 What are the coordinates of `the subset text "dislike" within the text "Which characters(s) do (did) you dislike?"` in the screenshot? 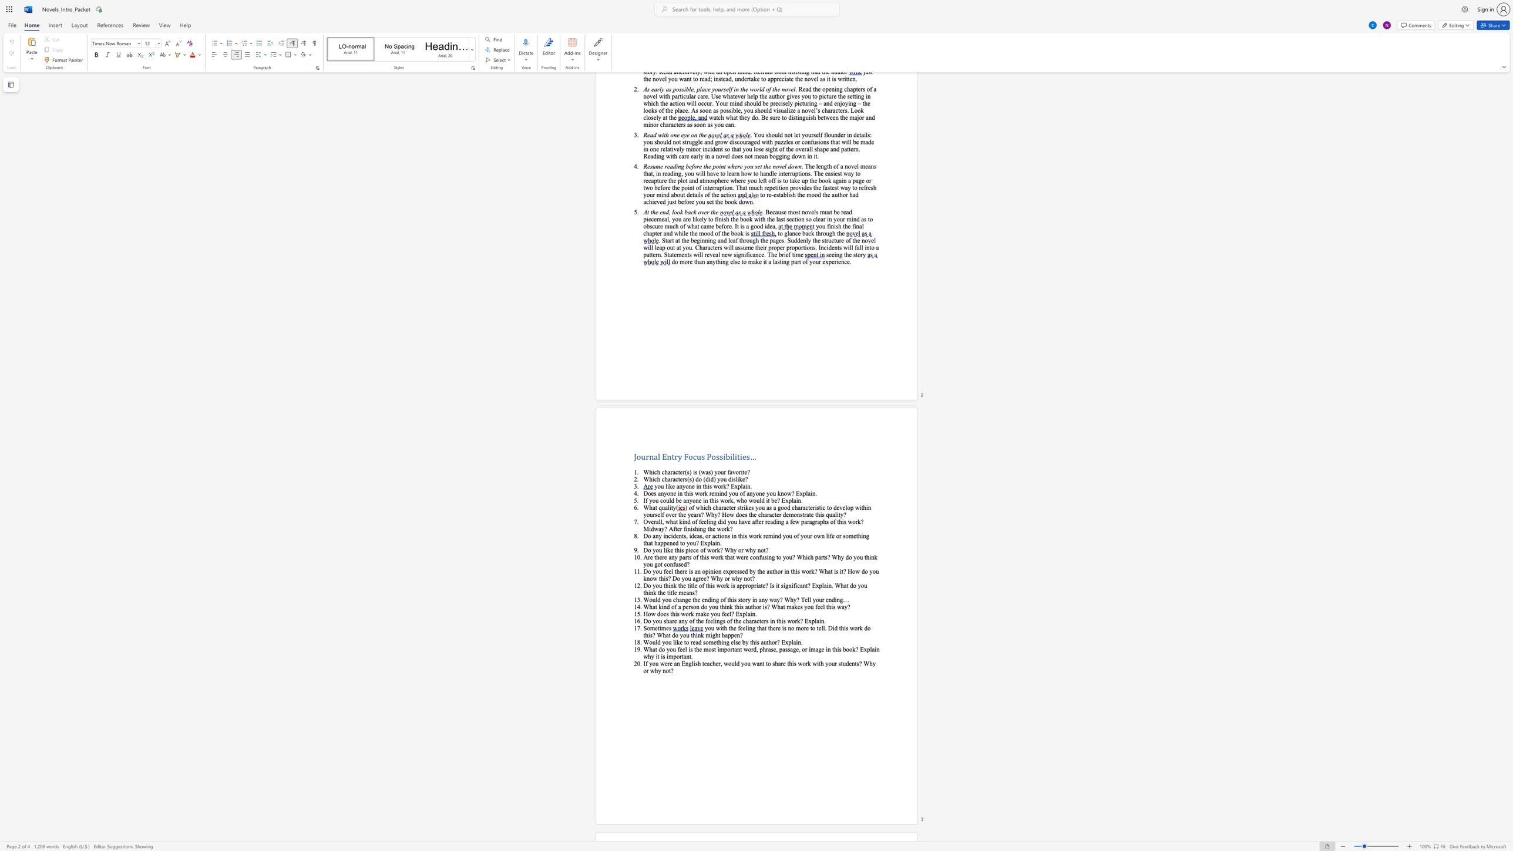 It's located at (727, 478).